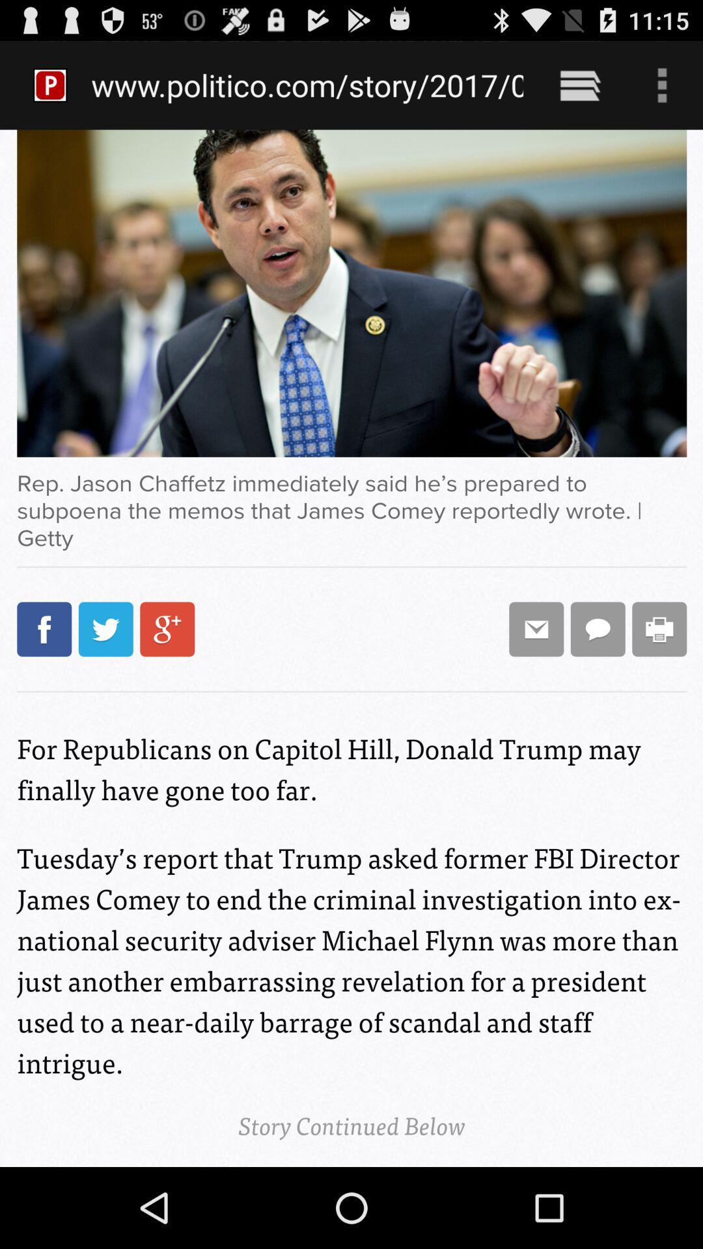 Image resolution: width=703 pixels, height=1249 pixels. What do you see at coordinates (579, 85) in the screenshot?
I see `item next to the www politico com item` at bounding box center [579, 85].